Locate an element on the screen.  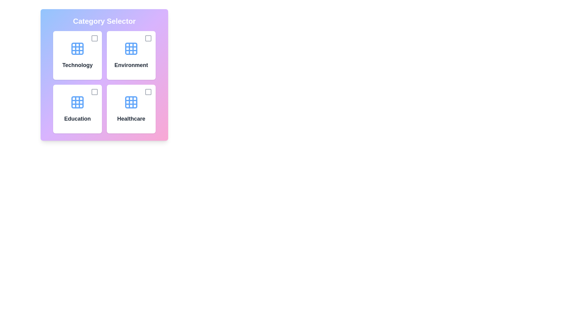
the category card labeled Environment to toggle its selection state is located at coordinates (131, 55).